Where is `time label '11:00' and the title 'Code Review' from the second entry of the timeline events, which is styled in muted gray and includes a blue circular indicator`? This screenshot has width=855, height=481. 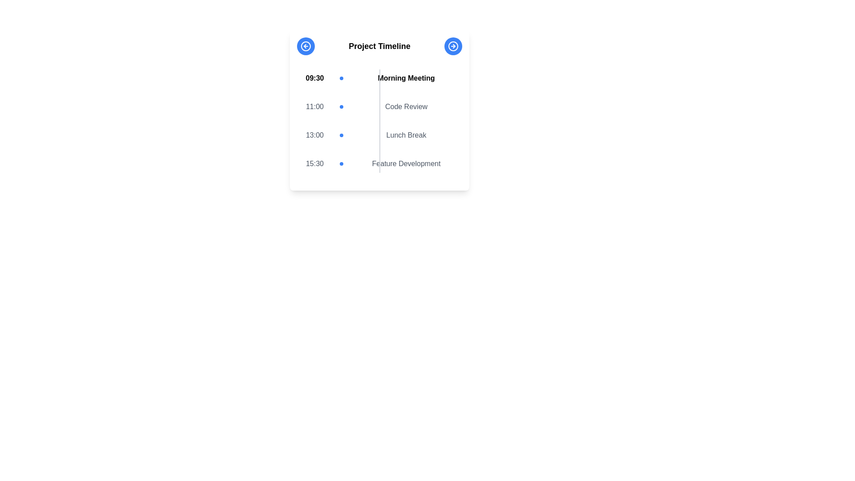
time label '11:00' and the title 'Code Review' from the second entry of the timeline events, which is styled in muted gray and includes a blue circular indicator is located at coordinates (379, 106).